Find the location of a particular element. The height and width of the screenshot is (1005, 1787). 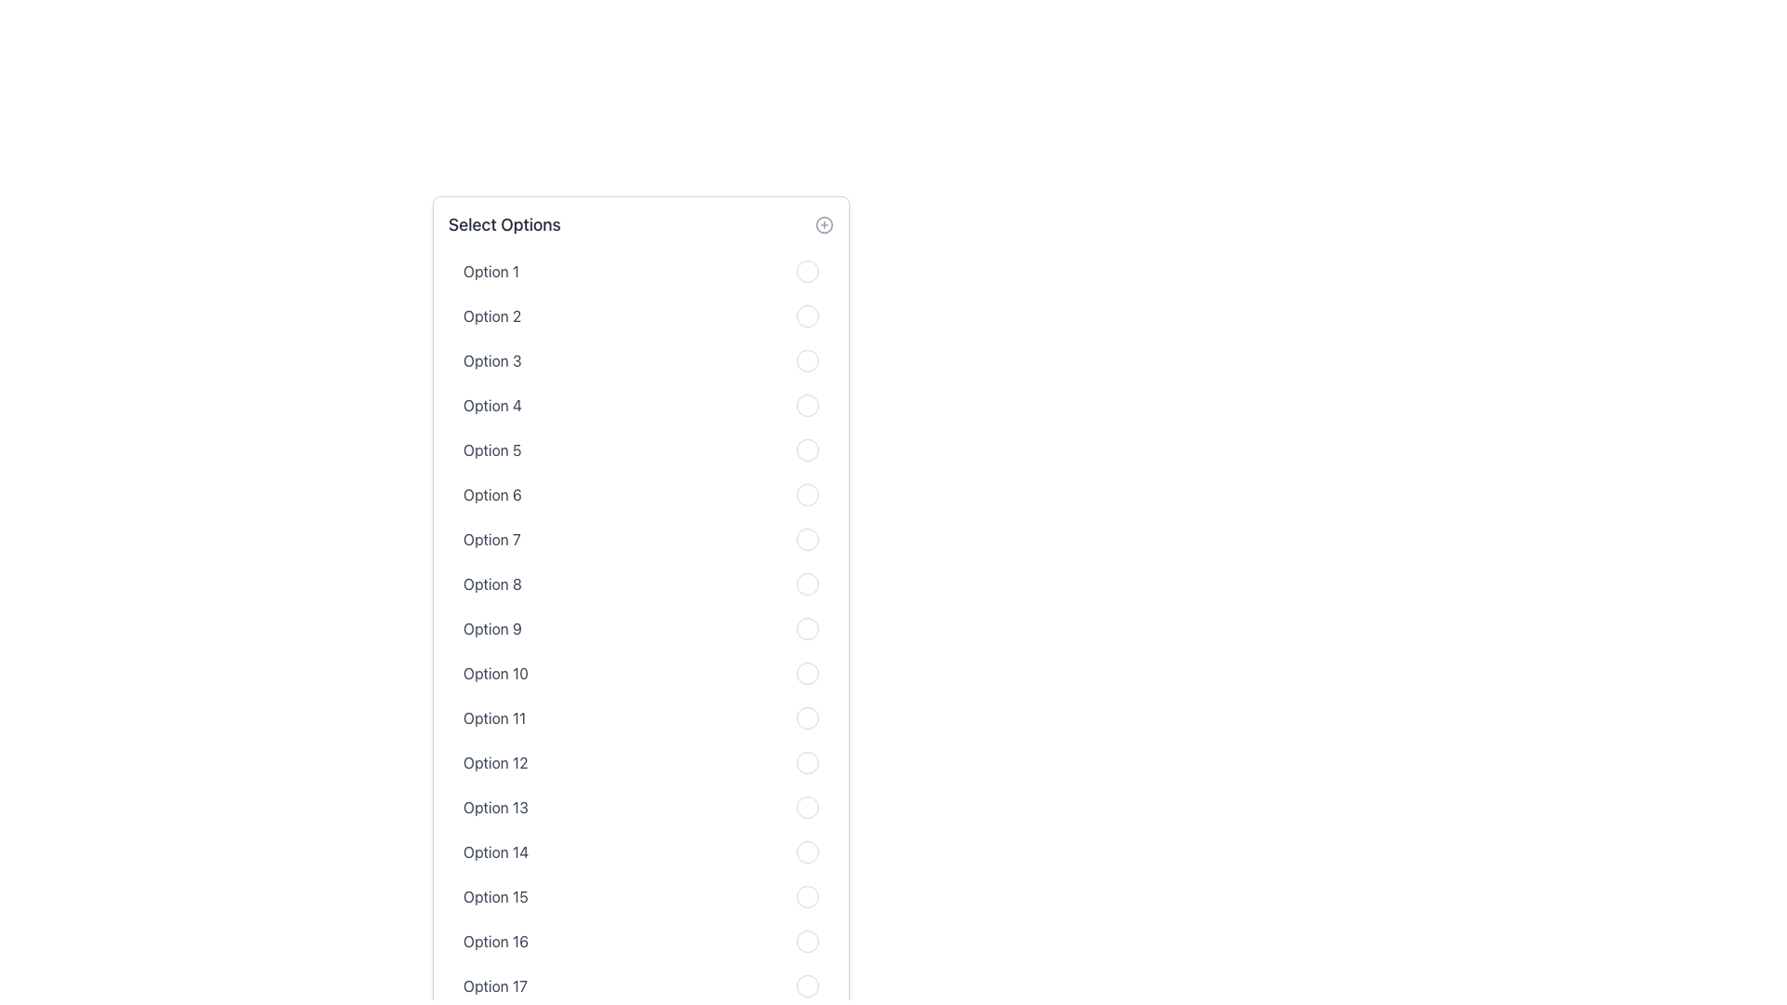

the radio button labeled 'Option 2' is located at coordinates (808, 315).